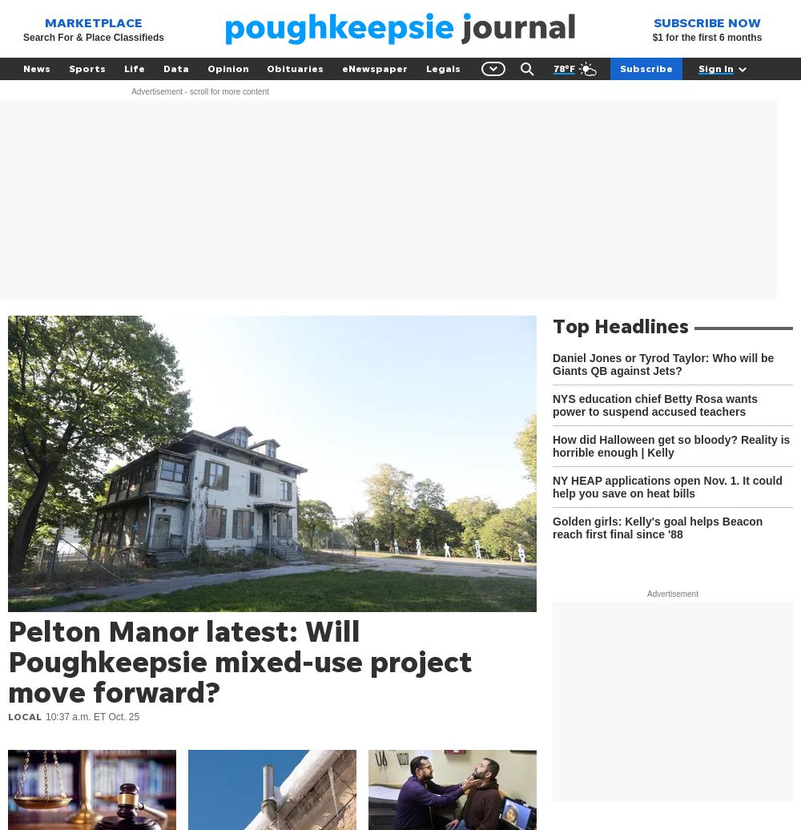 The image size is (801, 830). What do you see at coordinates (657, 527) in the screenshot?
I see `'Golden girls: Kelly's goal helps Beacon reach first final since '88'` at bounding box center [657, 527].